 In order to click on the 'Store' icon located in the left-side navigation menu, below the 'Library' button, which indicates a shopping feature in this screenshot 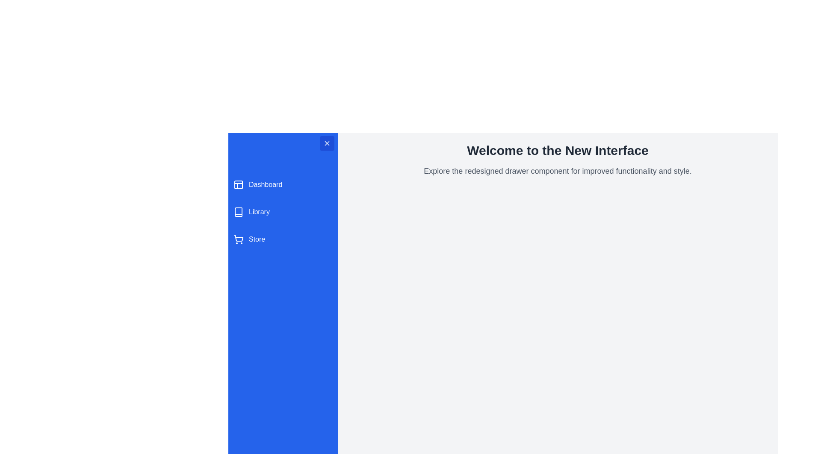, I will do `click(238, 239)`.